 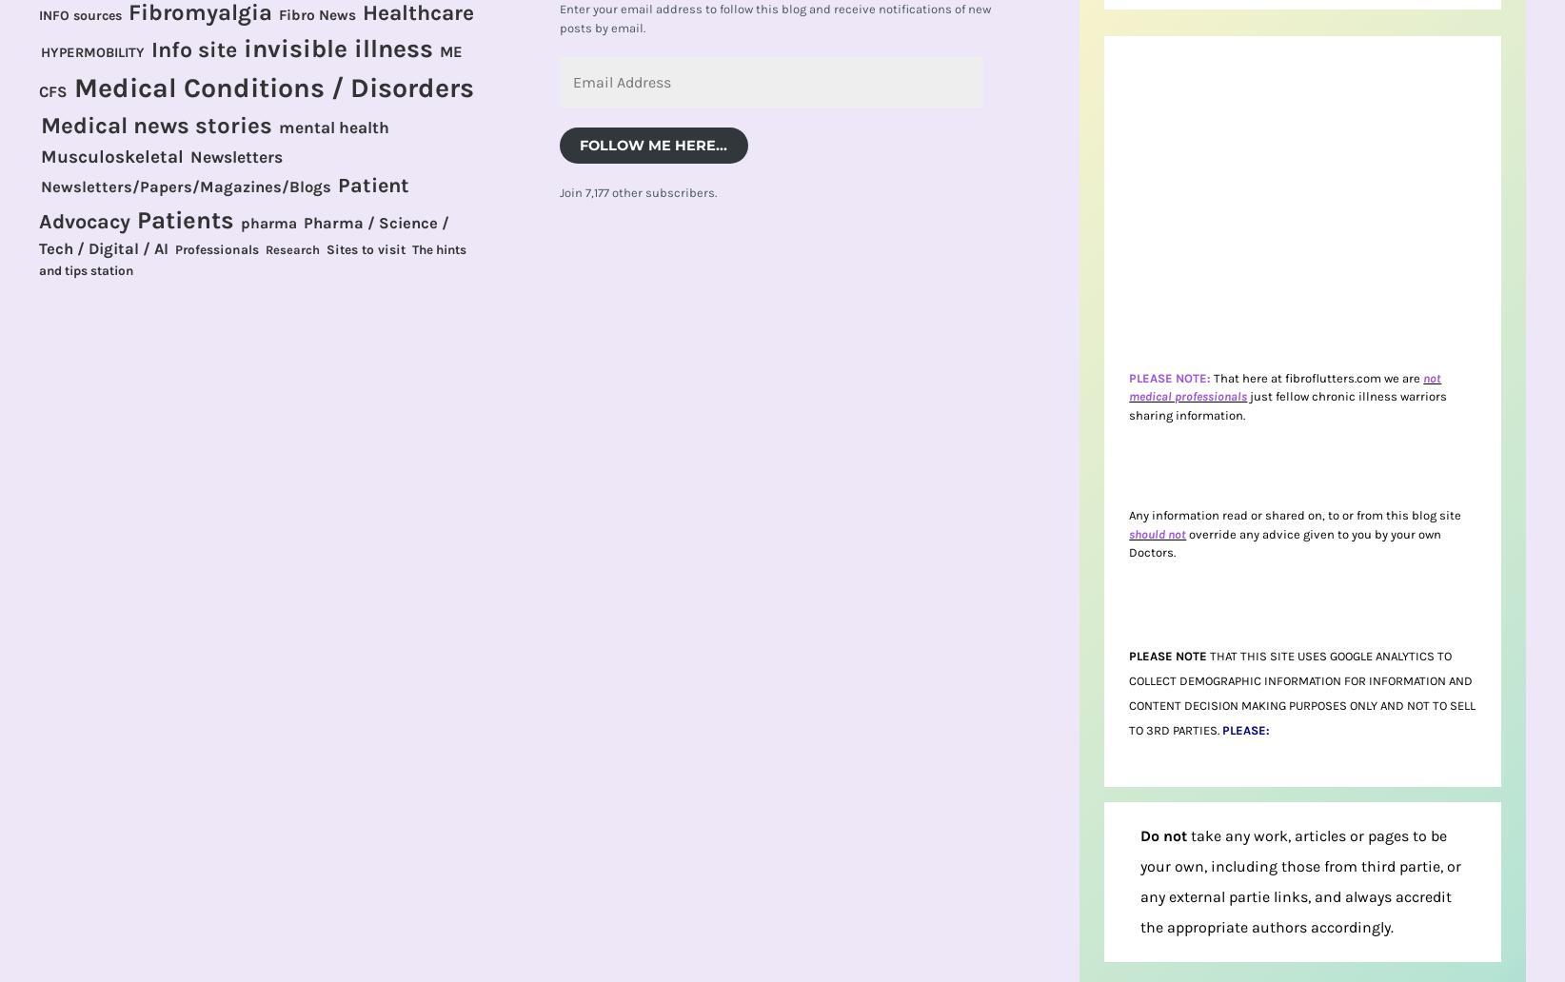 I want to click on 'Patient Advocacy', so click(x=224, y=202).